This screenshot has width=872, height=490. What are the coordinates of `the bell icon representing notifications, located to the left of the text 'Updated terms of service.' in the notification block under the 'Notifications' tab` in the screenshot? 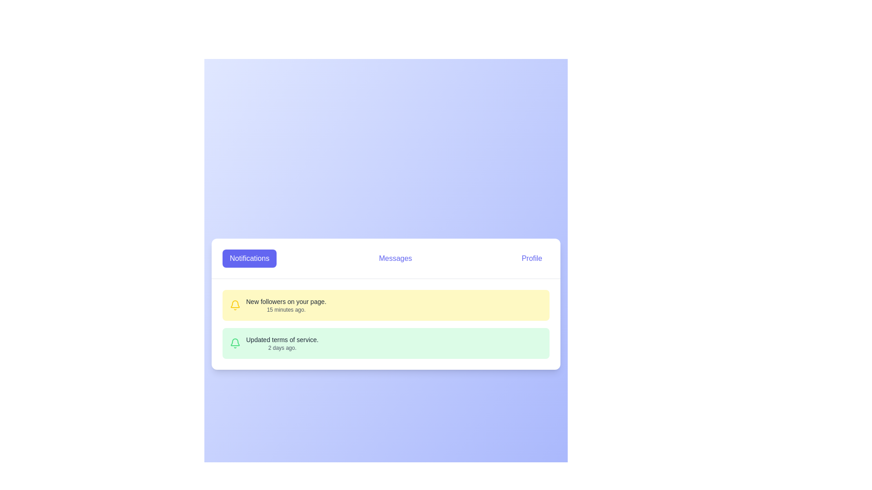 It's located at (235, 343).